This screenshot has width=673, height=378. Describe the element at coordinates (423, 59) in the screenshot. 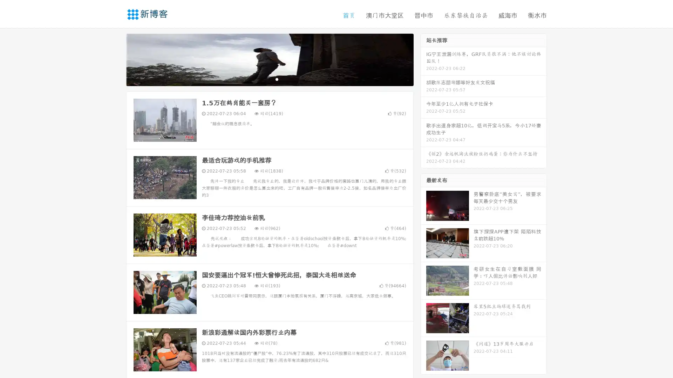

I see `Next slide` at that location.